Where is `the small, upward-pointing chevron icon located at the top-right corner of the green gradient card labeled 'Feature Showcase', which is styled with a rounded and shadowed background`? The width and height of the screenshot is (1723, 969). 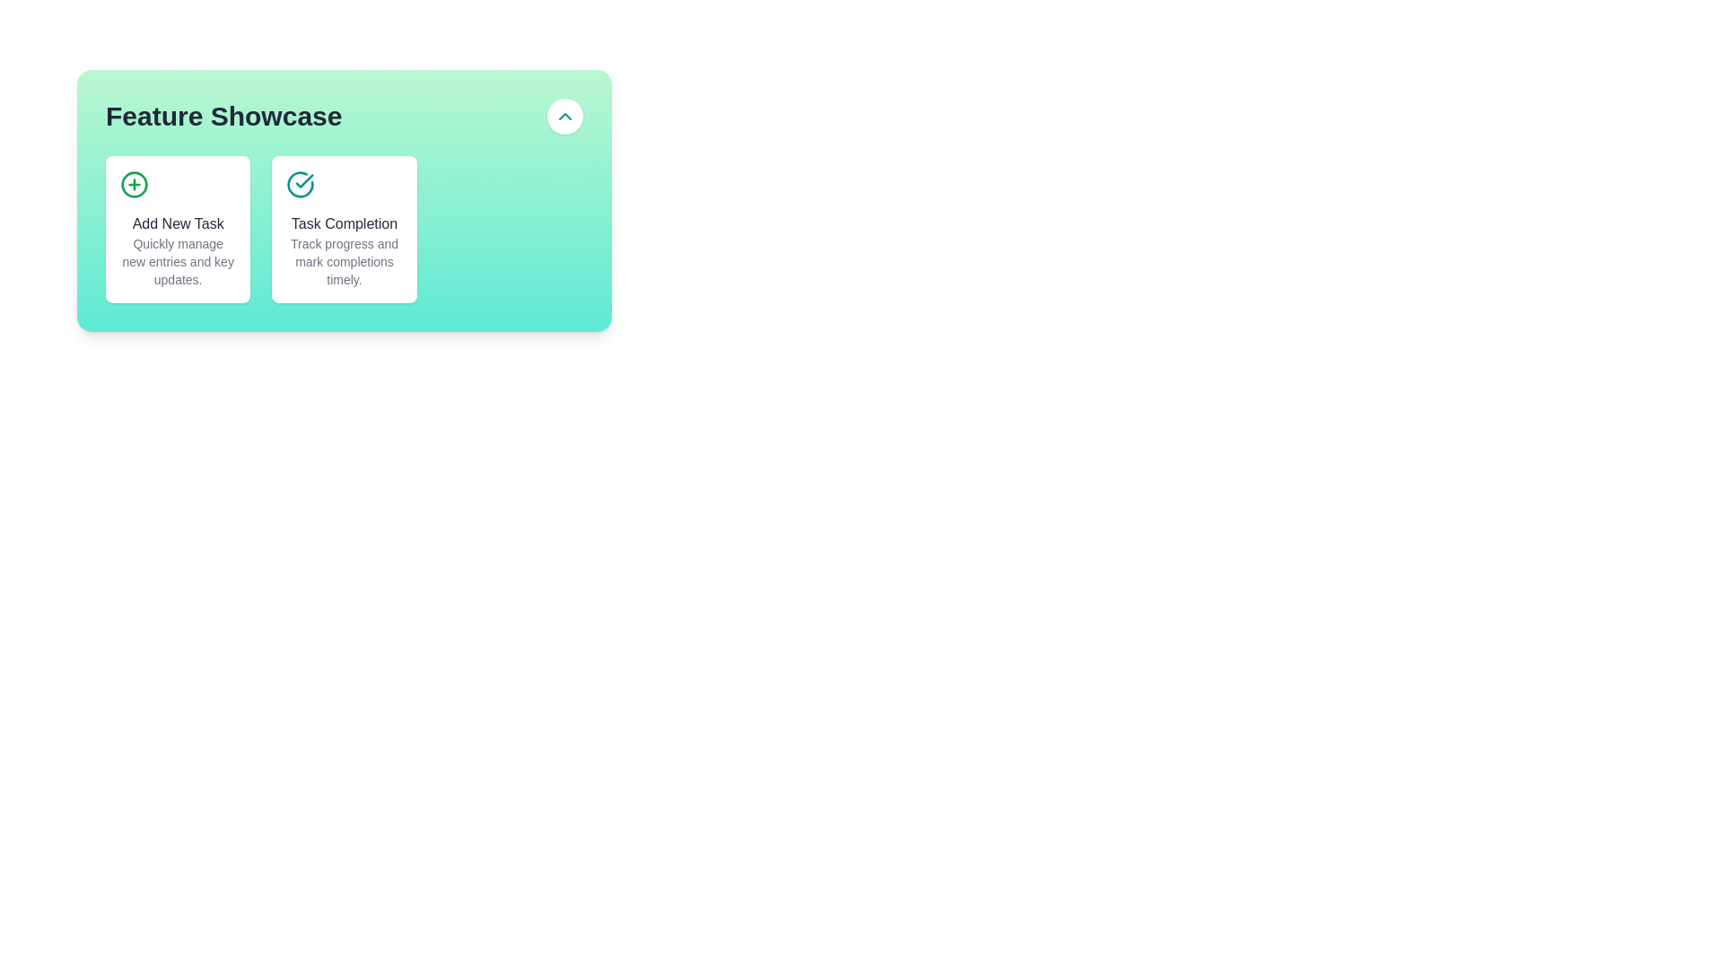 the small, upward-pointing chevron icon located at the top-right corner of the green gradient card labeled 'Feature Showcase', which is styled with a rounded and shadowed background is located at coordinates (564, 117).